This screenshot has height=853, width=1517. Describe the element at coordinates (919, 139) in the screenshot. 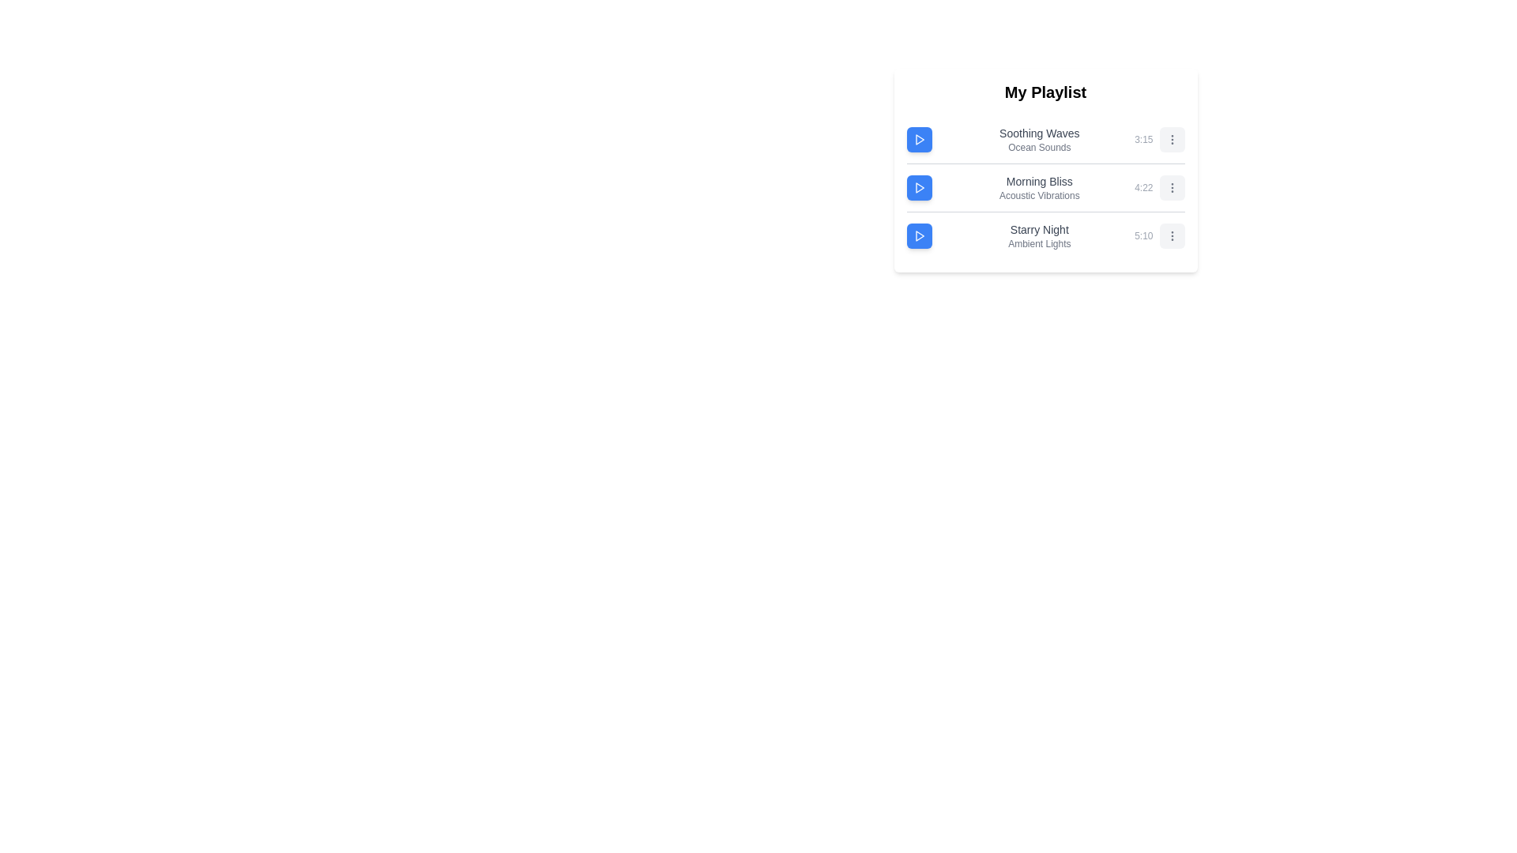

I see `the play button icon, which is triangular and surrounded by a blue circular background, located in the first row of the playlist interface to the left of the text 'Soothing Waves - Ocean Sounds'` at that location.